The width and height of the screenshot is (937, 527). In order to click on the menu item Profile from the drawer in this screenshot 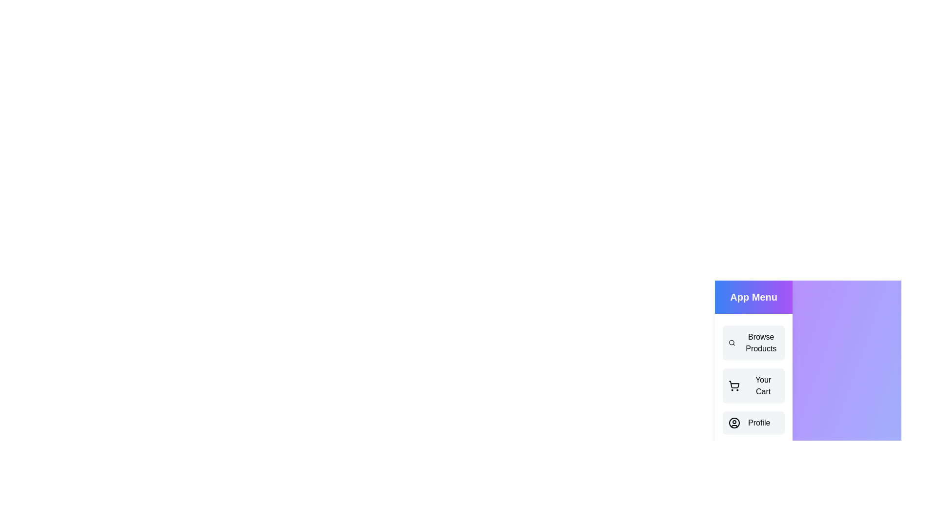, I will do `click(753, 423)`.